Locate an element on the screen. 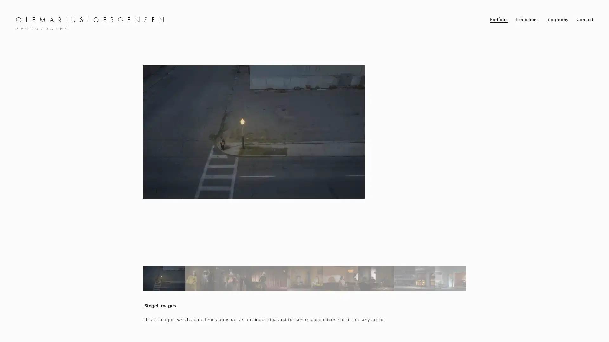 Image resolution: width=609 pixels, height=342 pixels. Slide 7 is located at coordinates (376, 278).